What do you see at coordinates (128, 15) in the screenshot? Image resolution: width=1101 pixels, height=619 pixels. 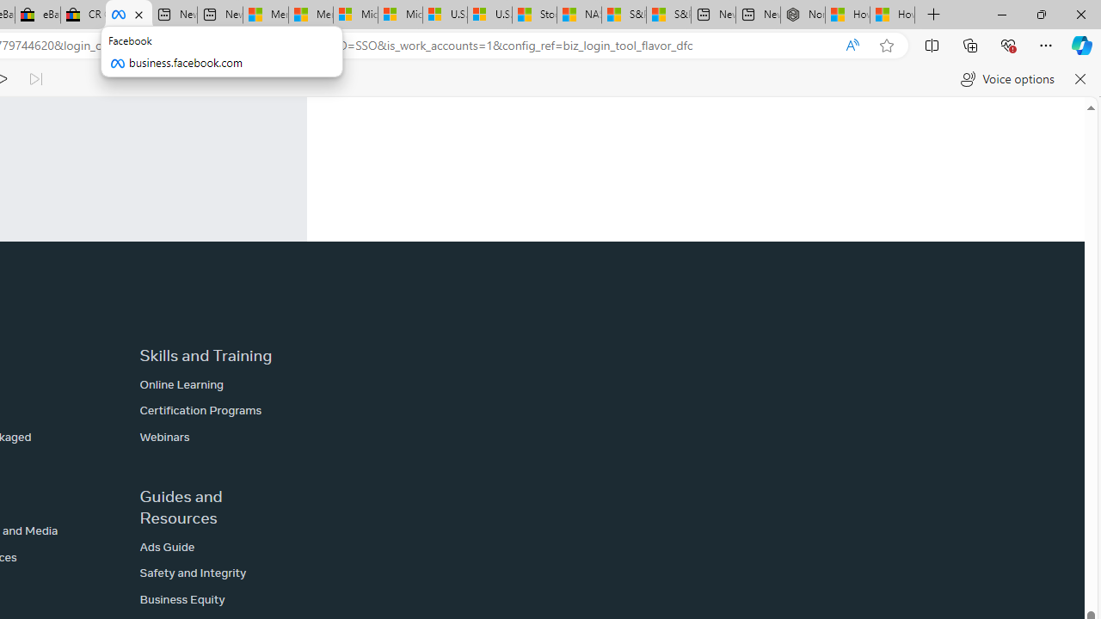 I see `'Facebook'` at bounding box center [128, 15].